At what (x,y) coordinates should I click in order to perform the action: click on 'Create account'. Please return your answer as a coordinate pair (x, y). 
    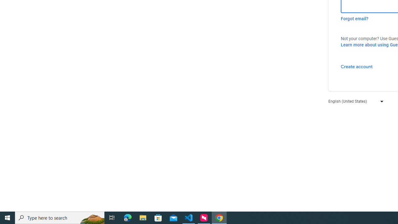
    Looking at the image, I should click on (356, 66).